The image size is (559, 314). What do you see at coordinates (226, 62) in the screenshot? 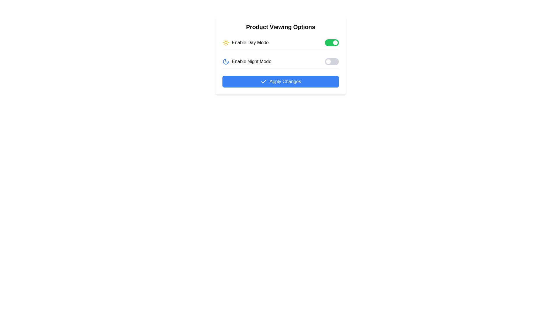
I see `the night mode icon, which indicates the functionality to toggle night mode, located to the left of the 'Enable Night Mode' text` at bounding box center [226, 62].